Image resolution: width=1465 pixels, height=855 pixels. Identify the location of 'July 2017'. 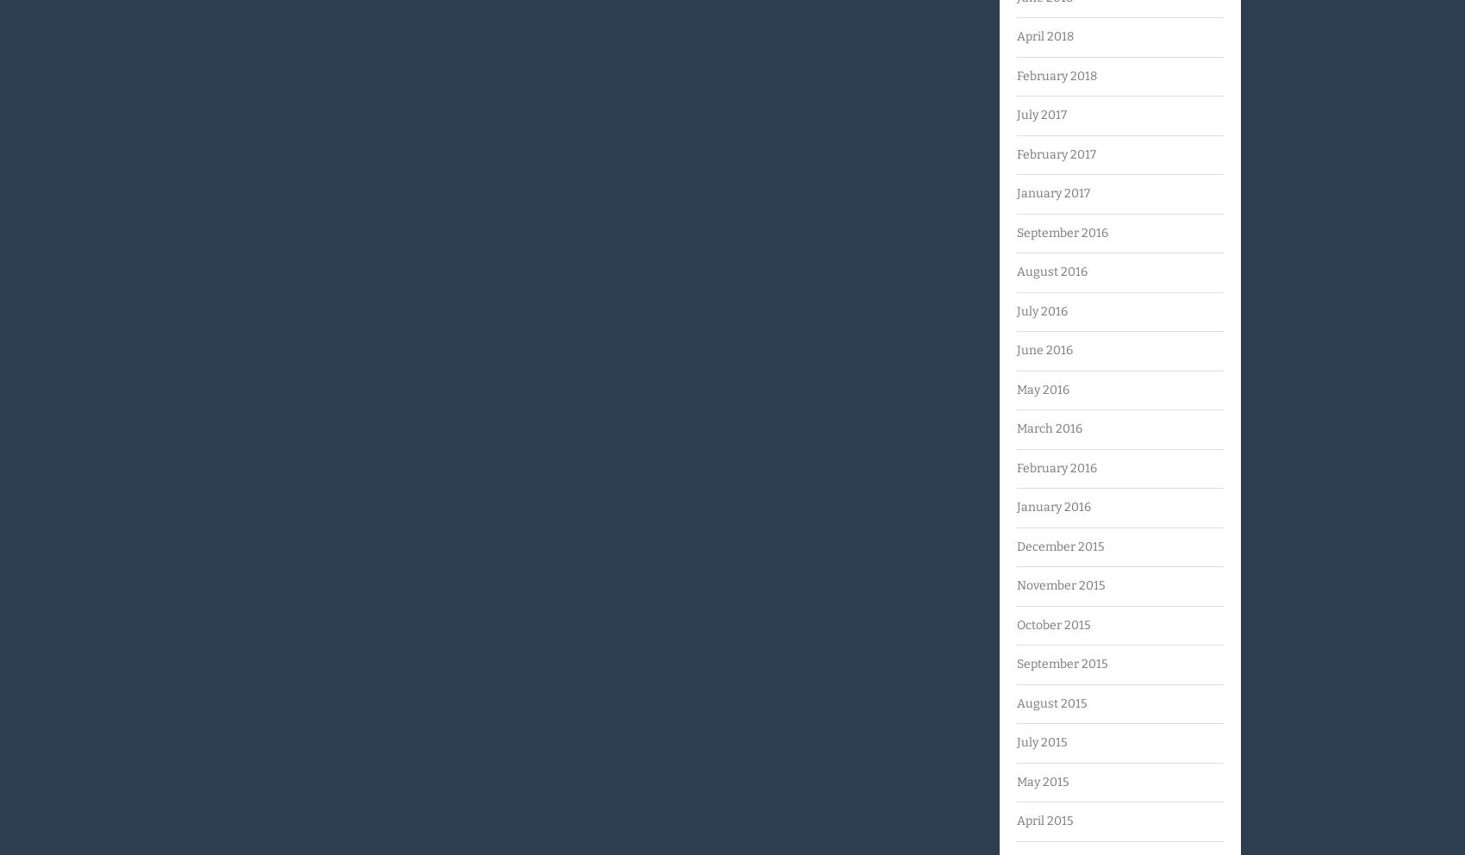
(1041, 115).